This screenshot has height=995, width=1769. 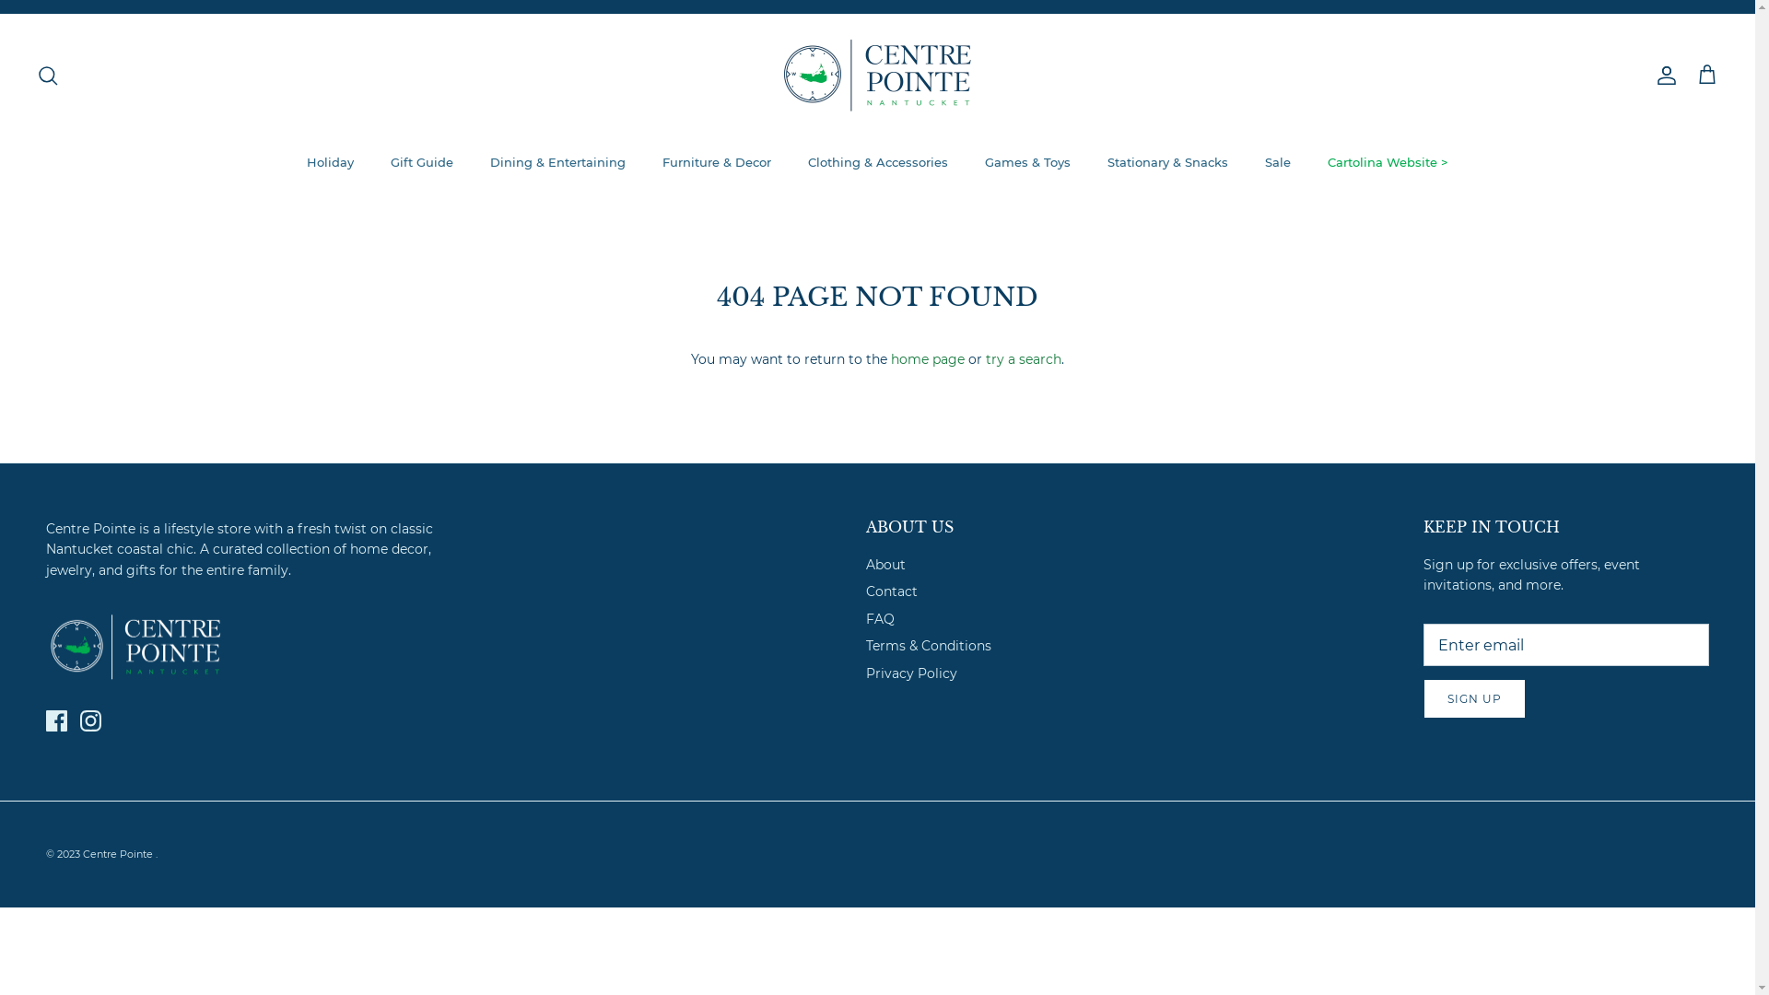 I want to click on 'Holiday', so click(x=330, y=162).